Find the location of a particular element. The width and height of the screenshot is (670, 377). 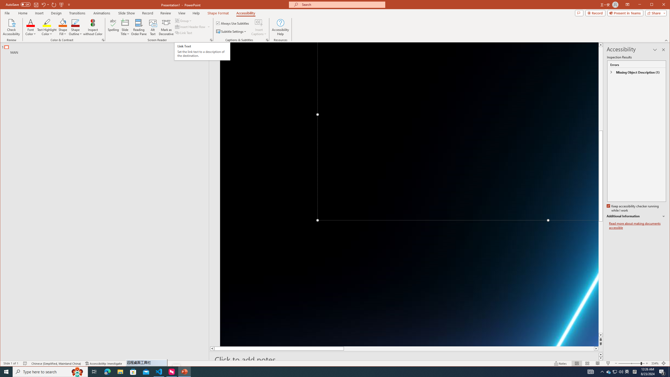

'Insert Captions' is located at coordinates (259, 22).